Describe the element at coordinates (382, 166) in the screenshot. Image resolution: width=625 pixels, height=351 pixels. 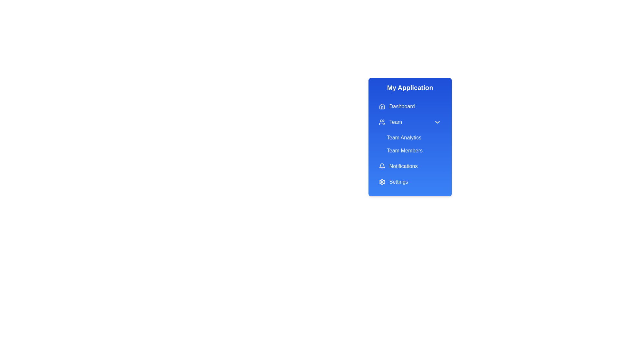
I see `the Notifications icon located in the left panel of the interface, positioned immediately to the left of the 'Notifications' text label` at that location.